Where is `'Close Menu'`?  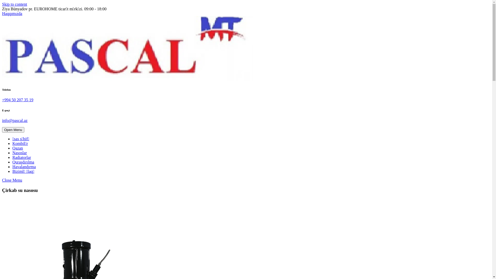
'Close Menu' is located at coordinates (2, 180).